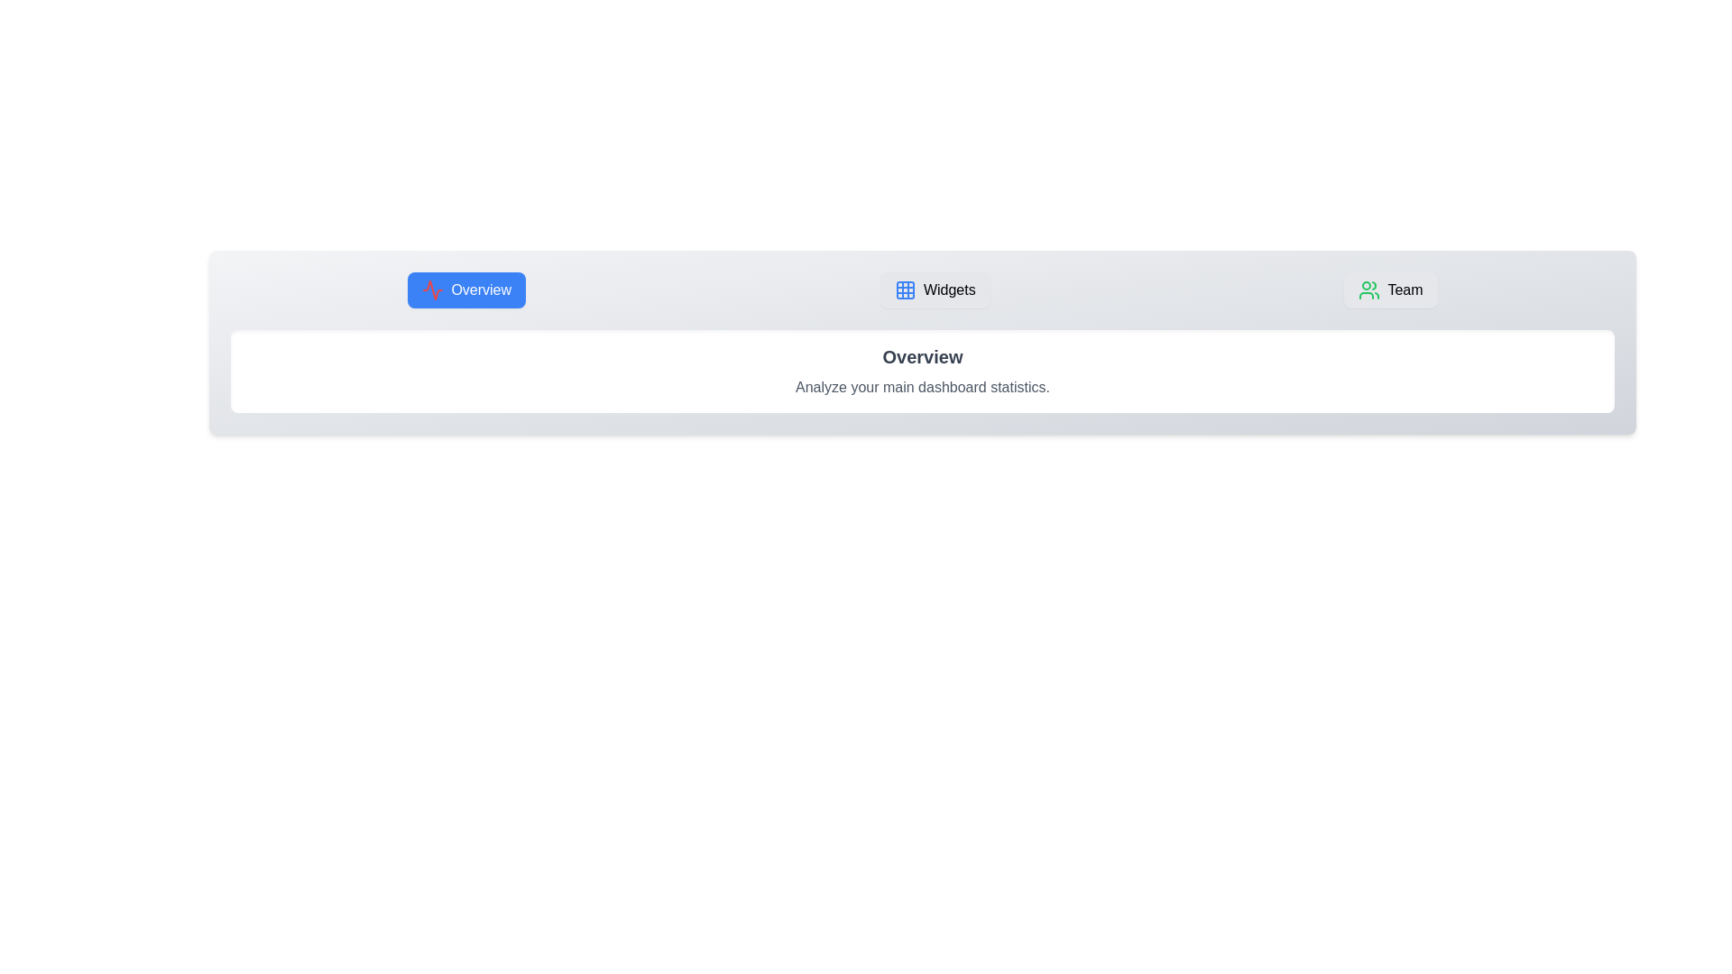  I want to click on the icon associated with the Overview tab to activate it, so click(433, 289).